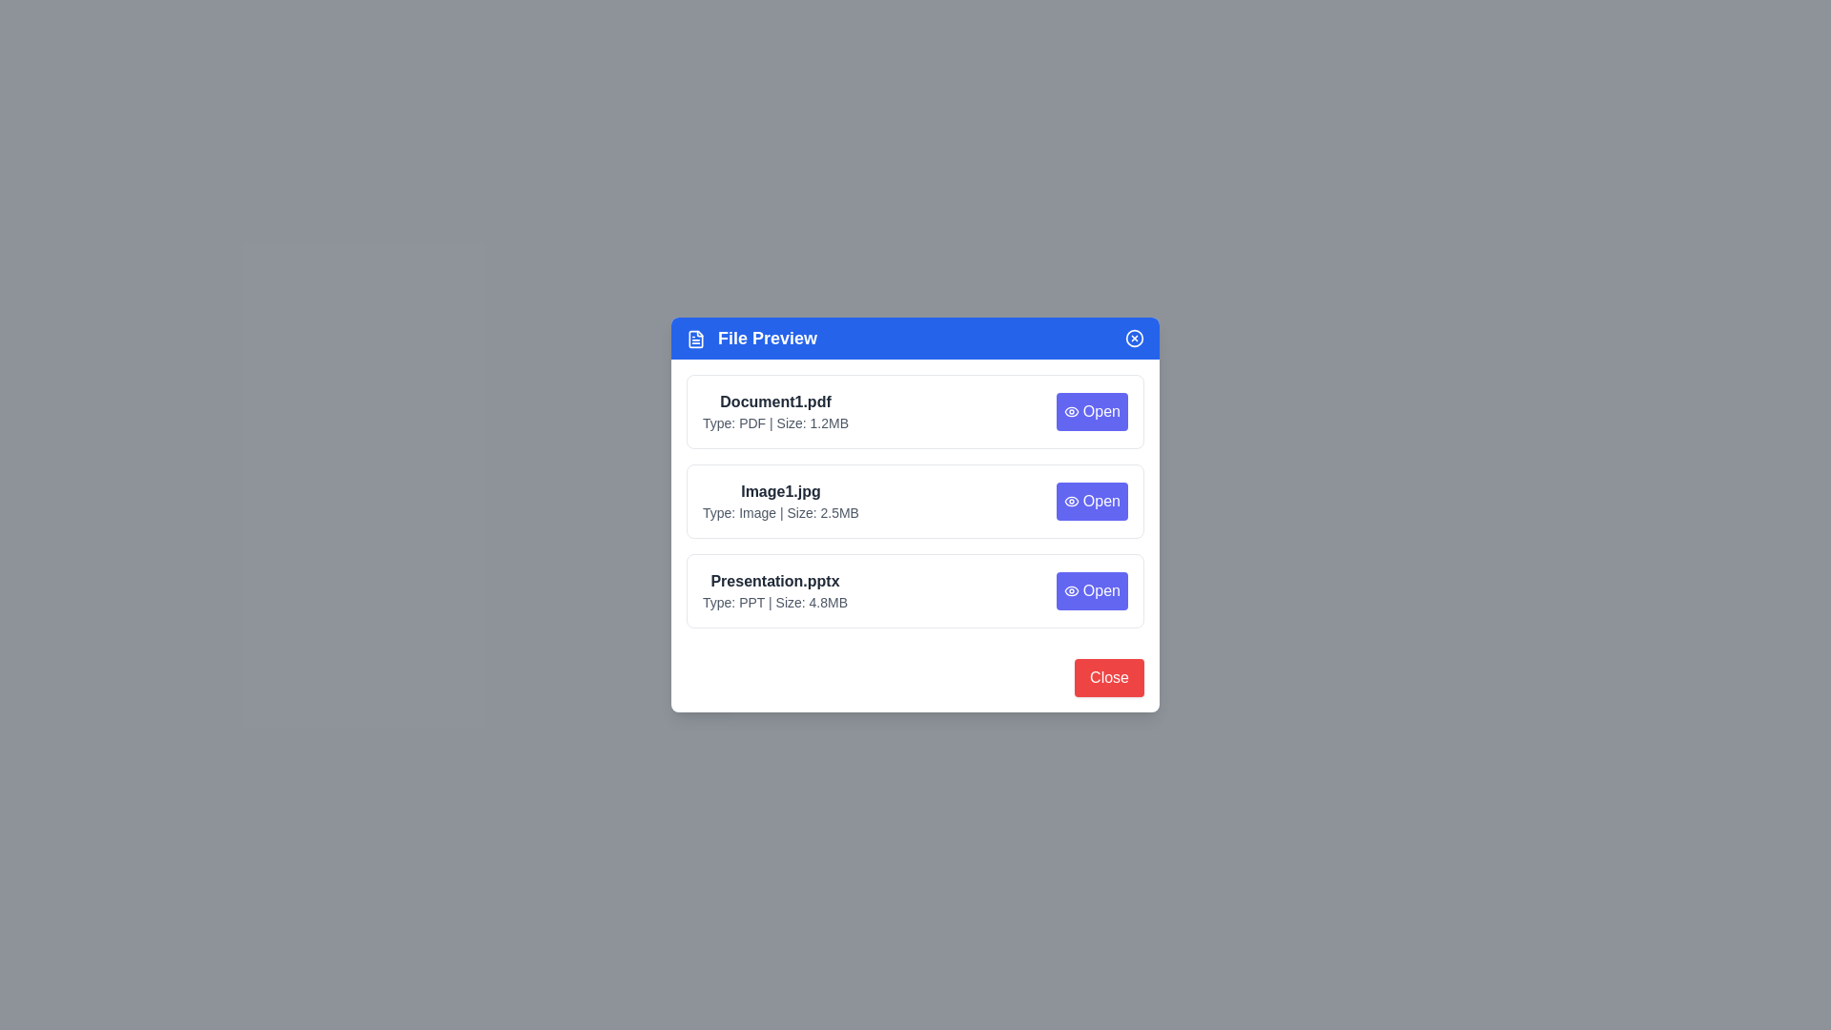 This screenshot has width=1831, height=1030. I want to click on the 'Close' button to close the dialog, so click(1109, 676).